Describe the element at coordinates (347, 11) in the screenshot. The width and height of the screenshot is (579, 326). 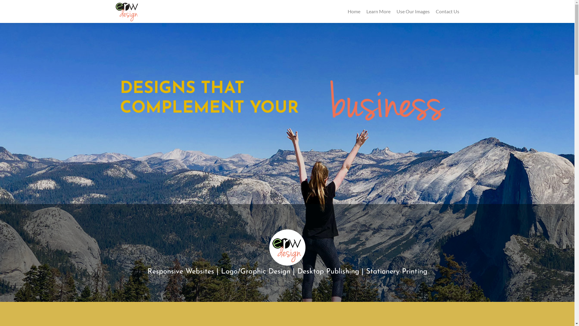
I see `'Home'` at that location.